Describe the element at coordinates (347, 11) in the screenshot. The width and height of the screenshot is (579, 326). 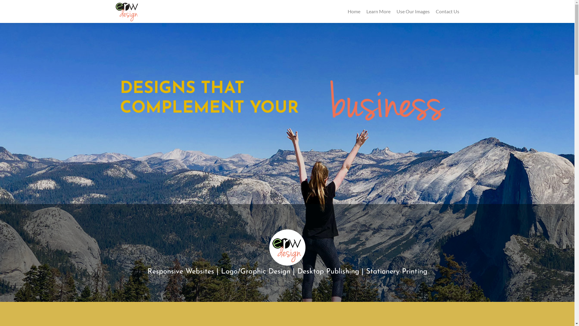
I see `'Home'` at that location.